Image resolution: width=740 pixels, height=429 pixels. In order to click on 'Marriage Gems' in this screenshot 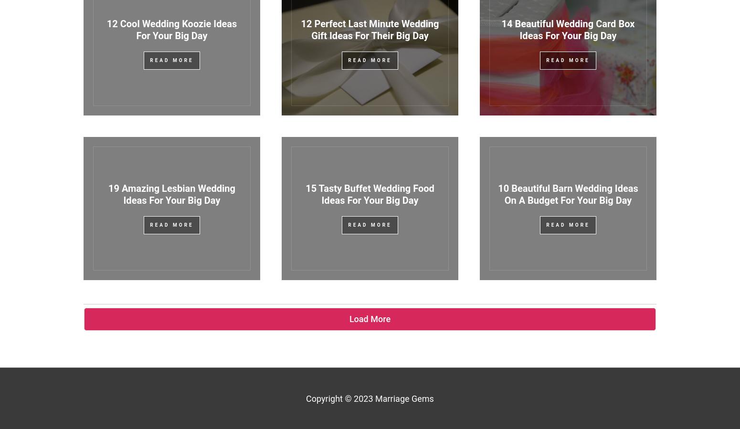, I will do `click(375, 398)`.